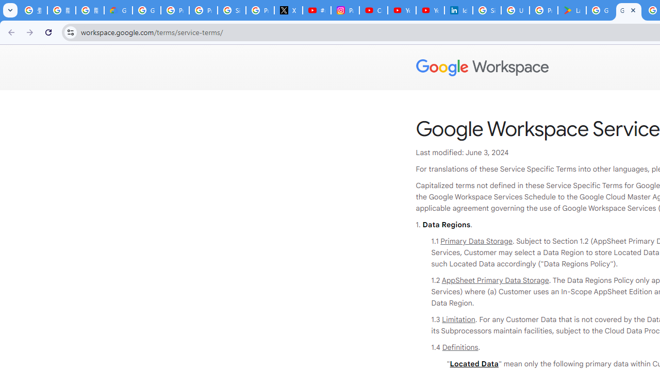 The width and height of the screenshot is (660, 371). I want to click on 'Google Cloud Privacy Notice', so click(118, 10).